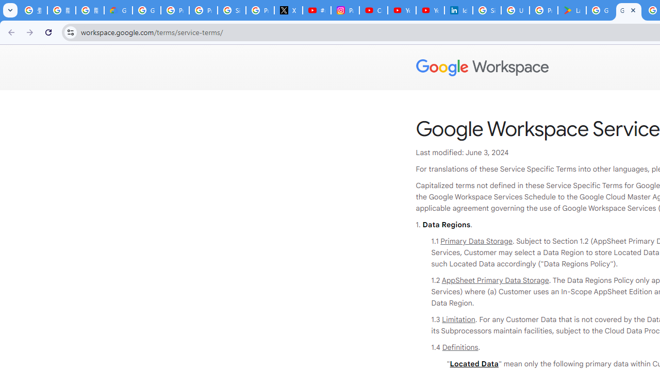 The width and height of the screenshot is (660, 371). I want to click on 'Google Cloud Privacy Notice', so click(118, 10).